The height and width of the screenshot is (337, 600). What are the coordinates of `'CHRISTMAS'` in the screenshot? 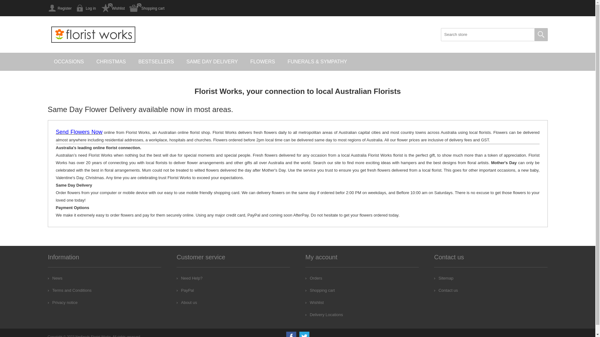 It's located at (111, 61).